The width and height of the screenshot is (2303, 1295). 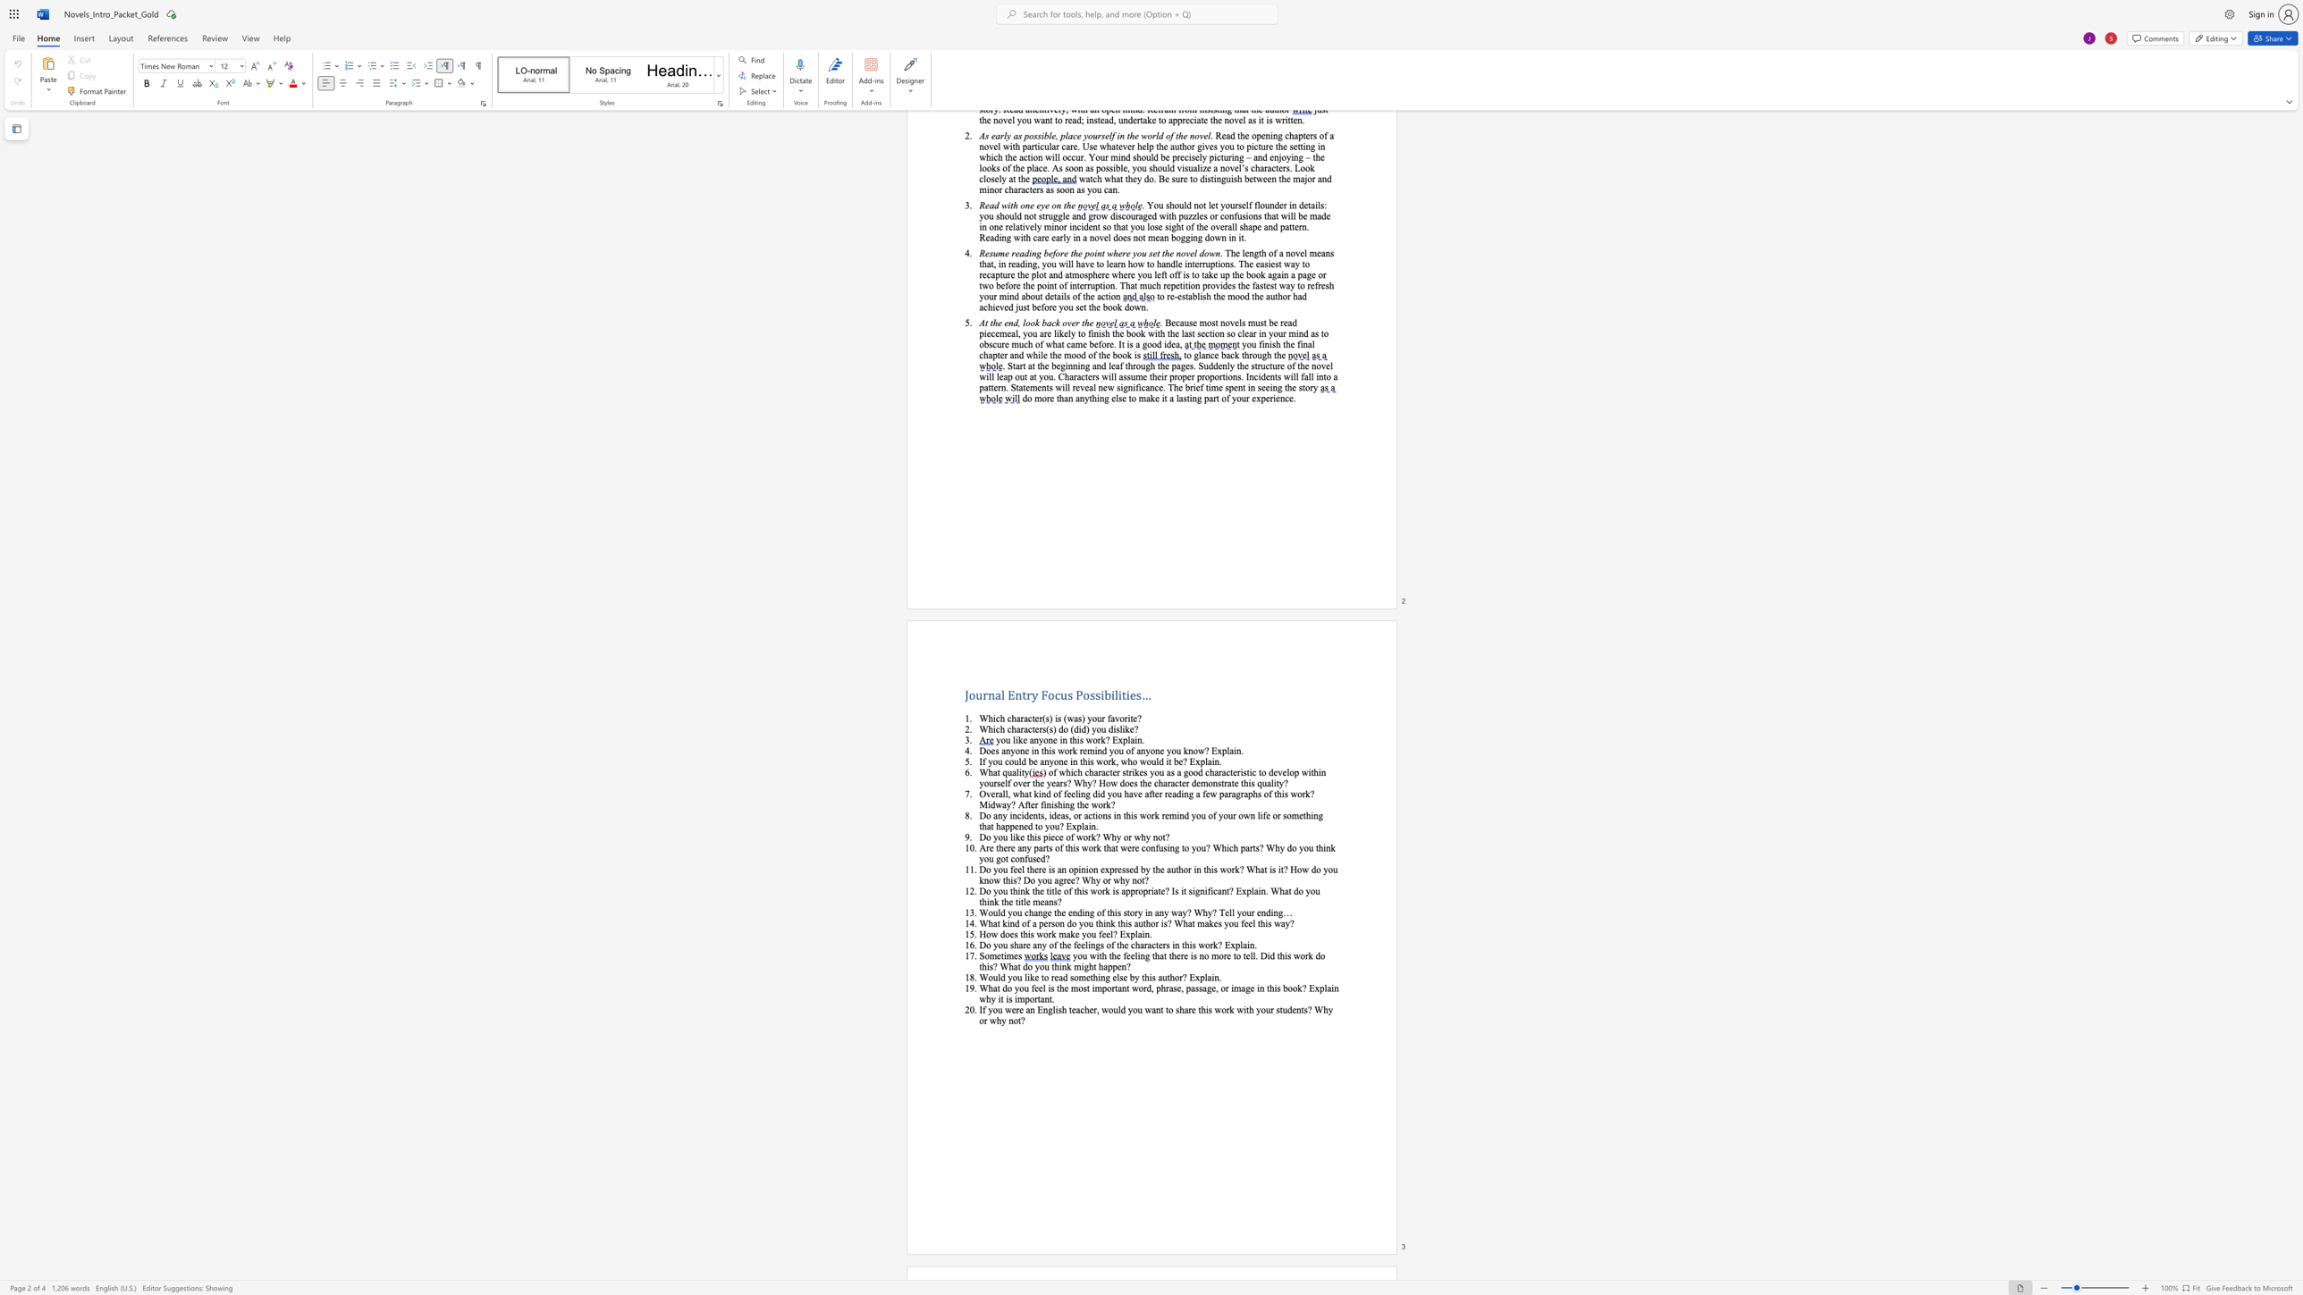 I want to click on the subset text "k mak" within the text "How does this work make you feel? Explain.", so click(x=1050, y=933).